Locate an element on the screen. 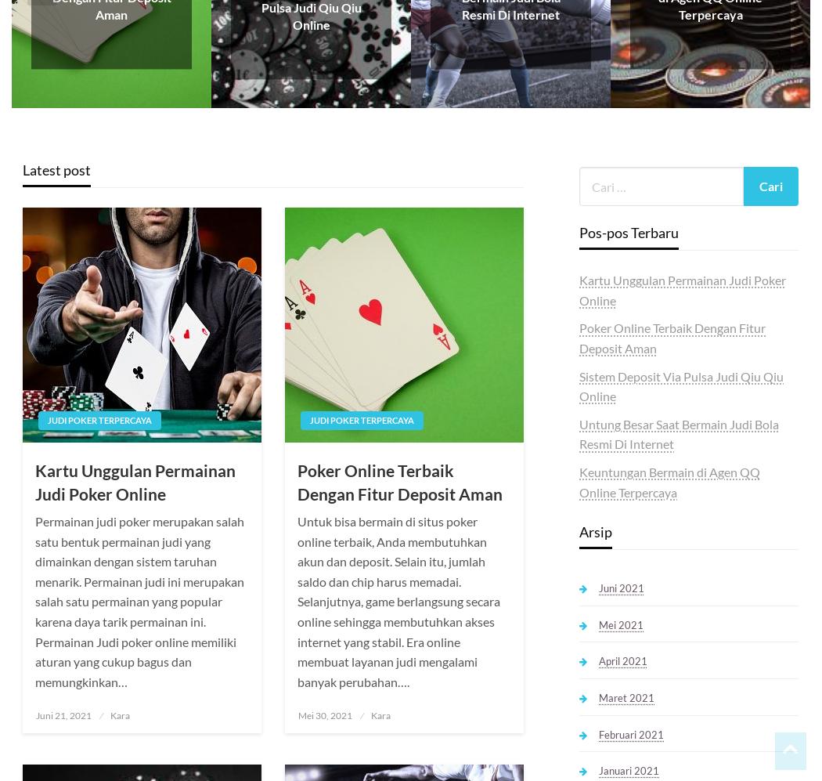 The width and height of the screenshot is (822, 781). 'Mei 2021' is located at coordinates (599, 624).